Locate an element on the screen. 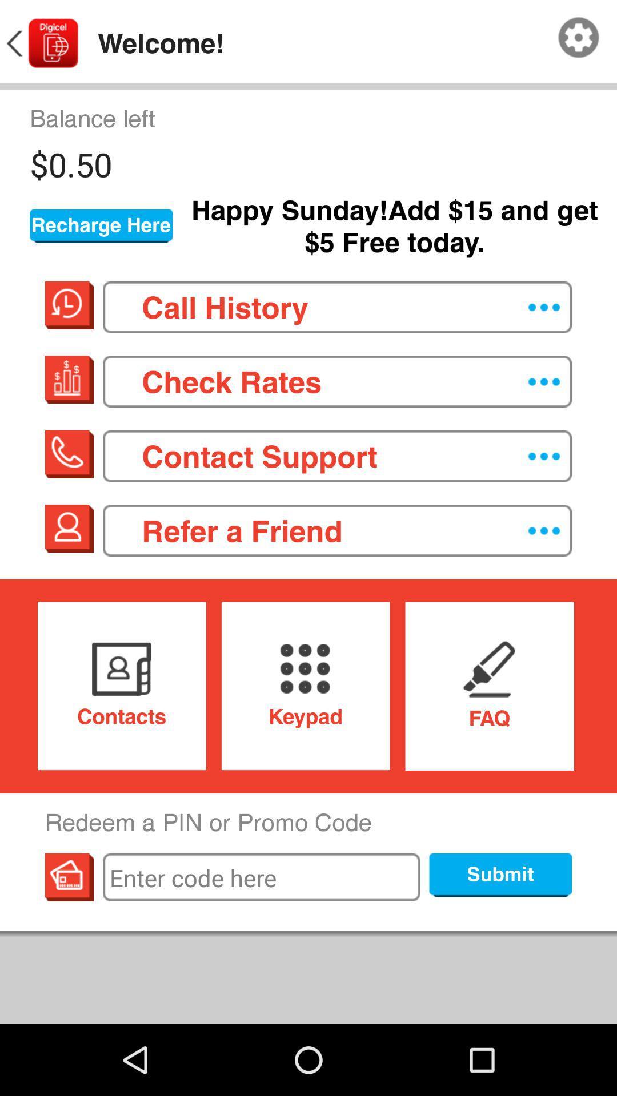 This screenshot has height=1096, width=617. the recharge here button is located at coordinates (101, 226).